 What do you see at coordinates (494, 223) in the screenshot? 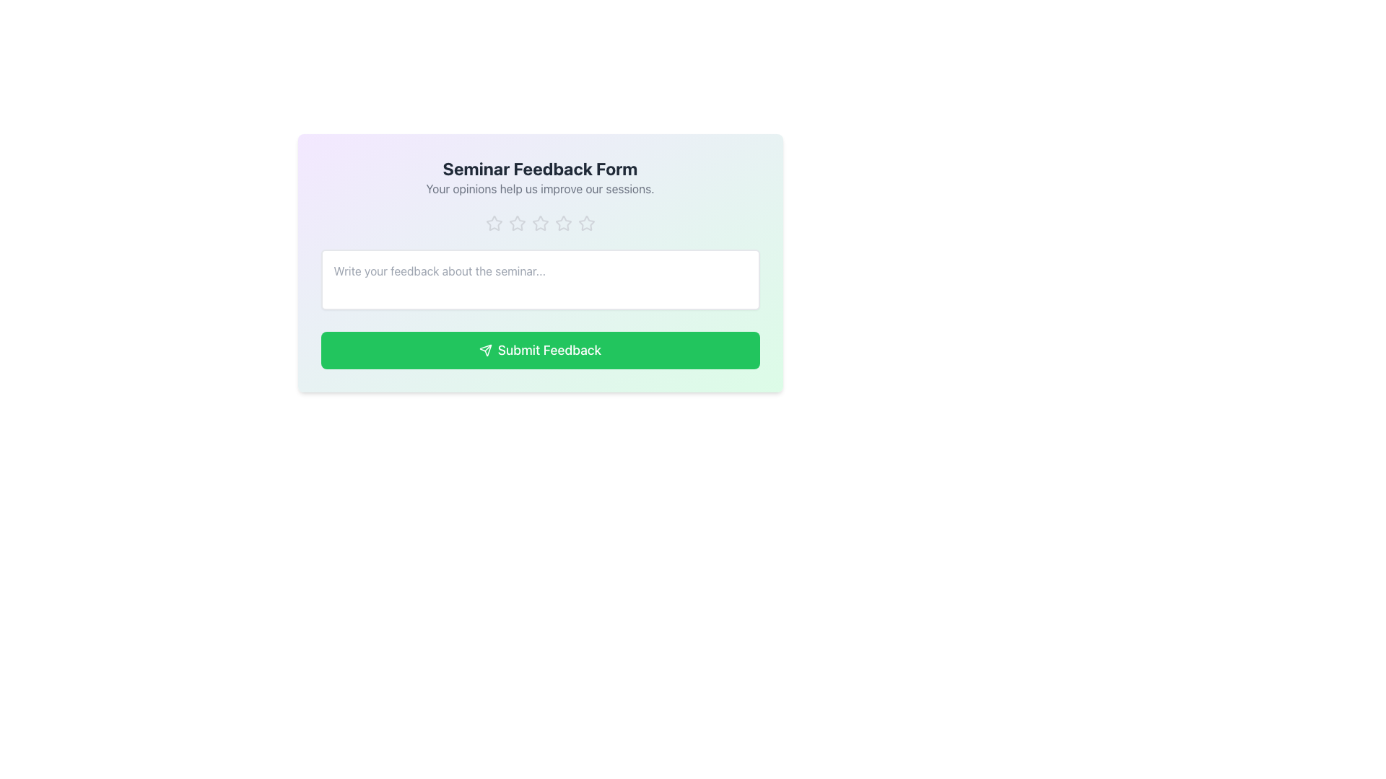
I see `the second star icon in the rating component of the 'Seminar Feedback Form', which is styled with an outline design and is part of a row of five stars` at bounding box center [494, 223].